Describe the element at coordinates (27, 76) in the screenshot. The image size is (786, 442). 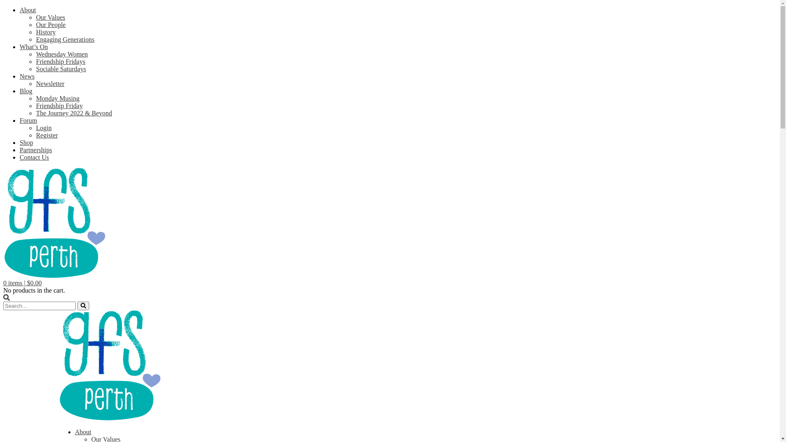
I see `'News'` at that location.